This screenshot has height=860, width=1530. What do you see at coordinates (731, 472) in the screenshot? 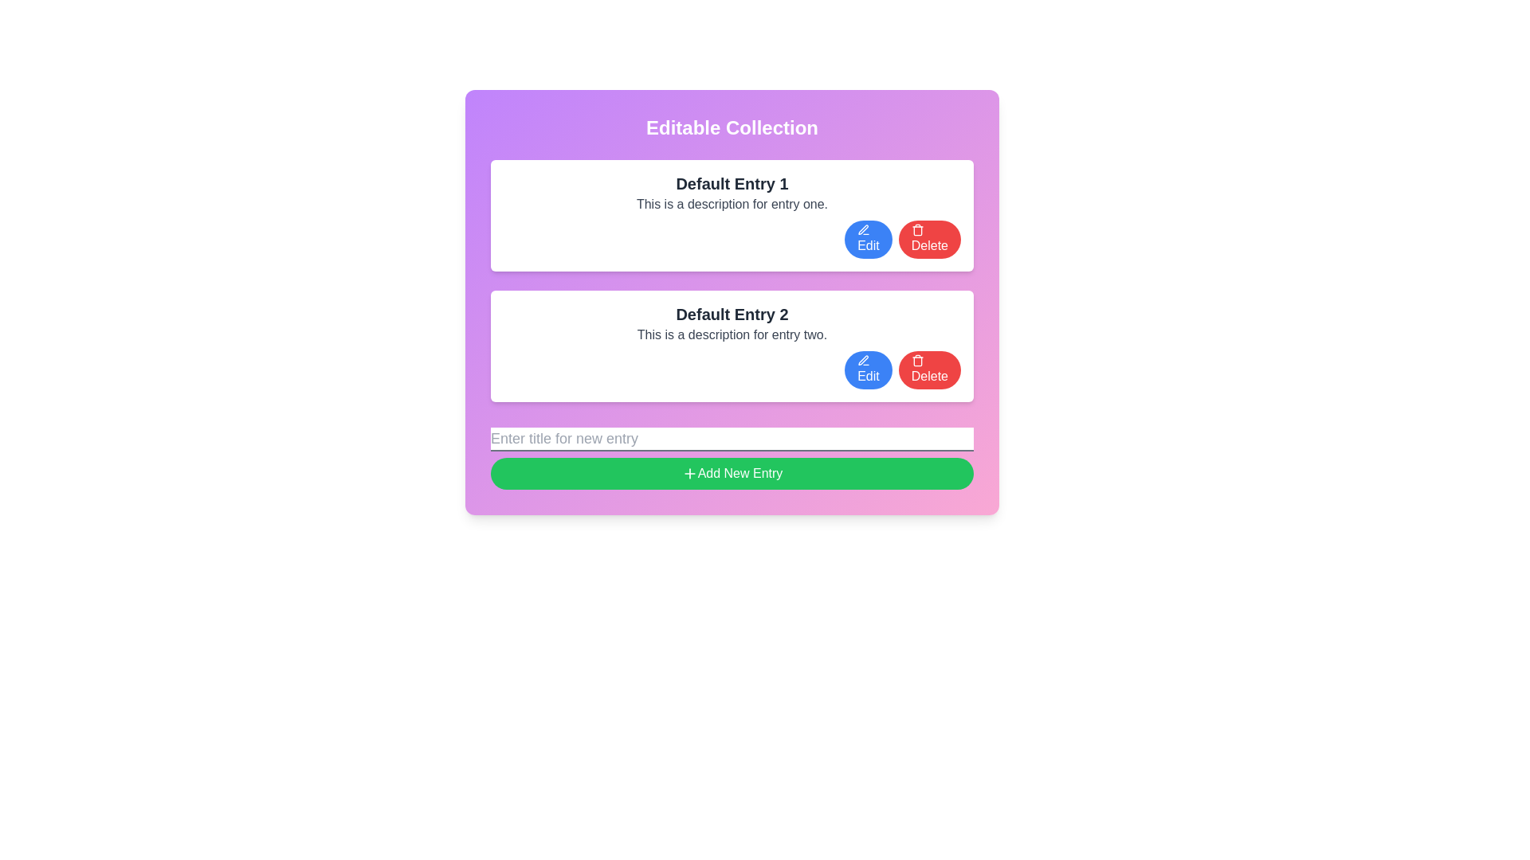
I see `the prominent green rectangular button labeled '+ Add New Entry'` at bounding box center [731, 472].